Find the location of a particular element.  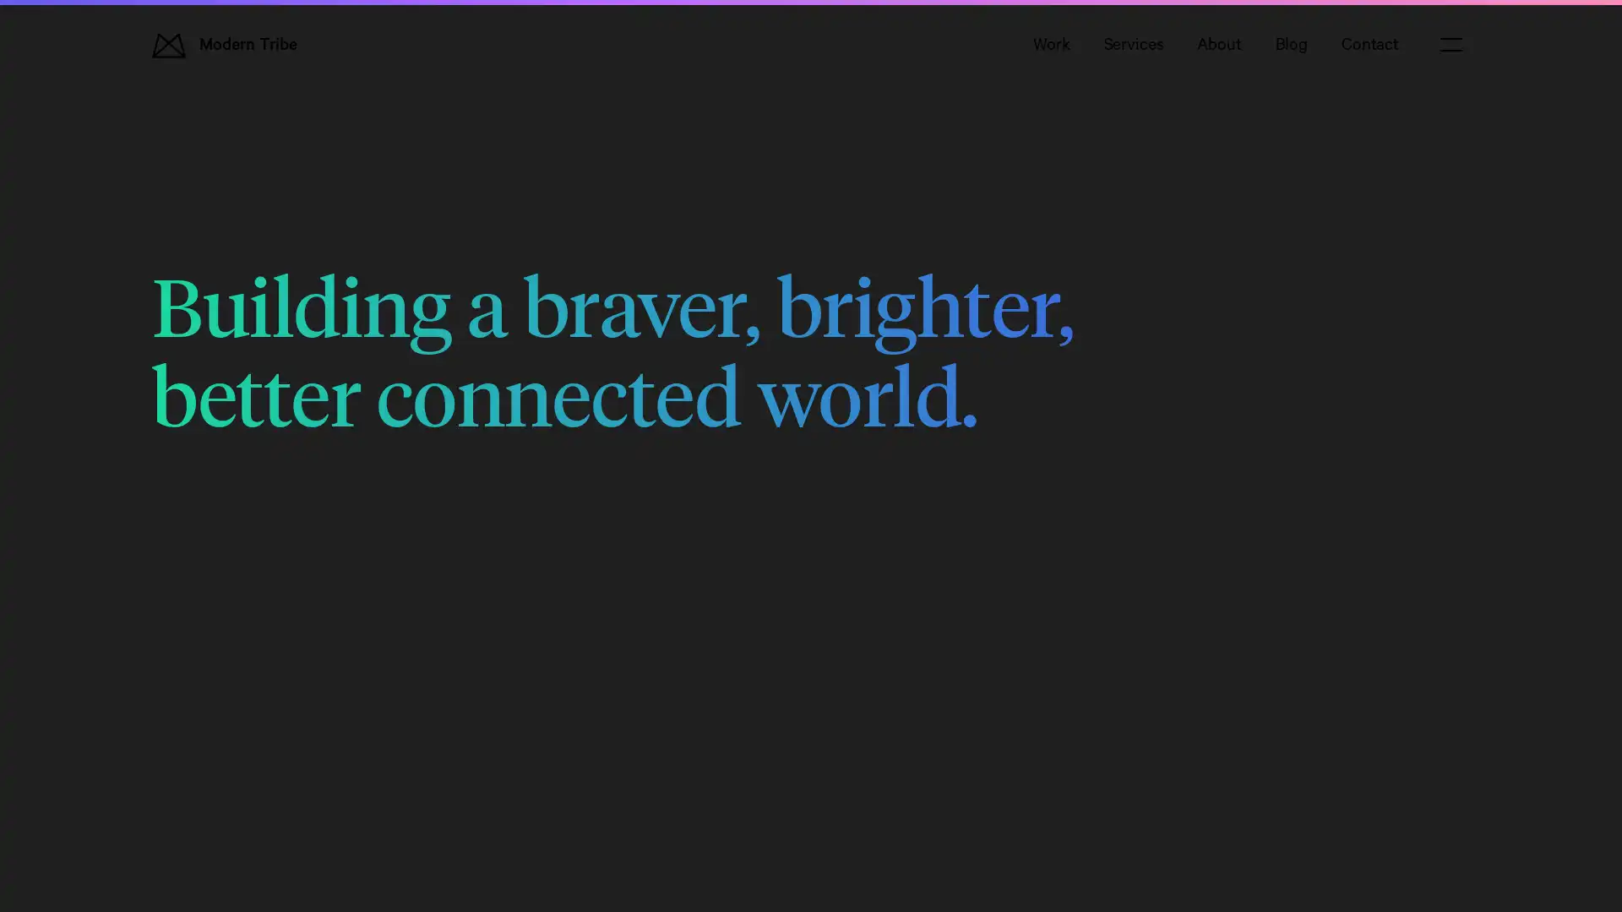

Menu Button is located at coordinates (1451, 44).